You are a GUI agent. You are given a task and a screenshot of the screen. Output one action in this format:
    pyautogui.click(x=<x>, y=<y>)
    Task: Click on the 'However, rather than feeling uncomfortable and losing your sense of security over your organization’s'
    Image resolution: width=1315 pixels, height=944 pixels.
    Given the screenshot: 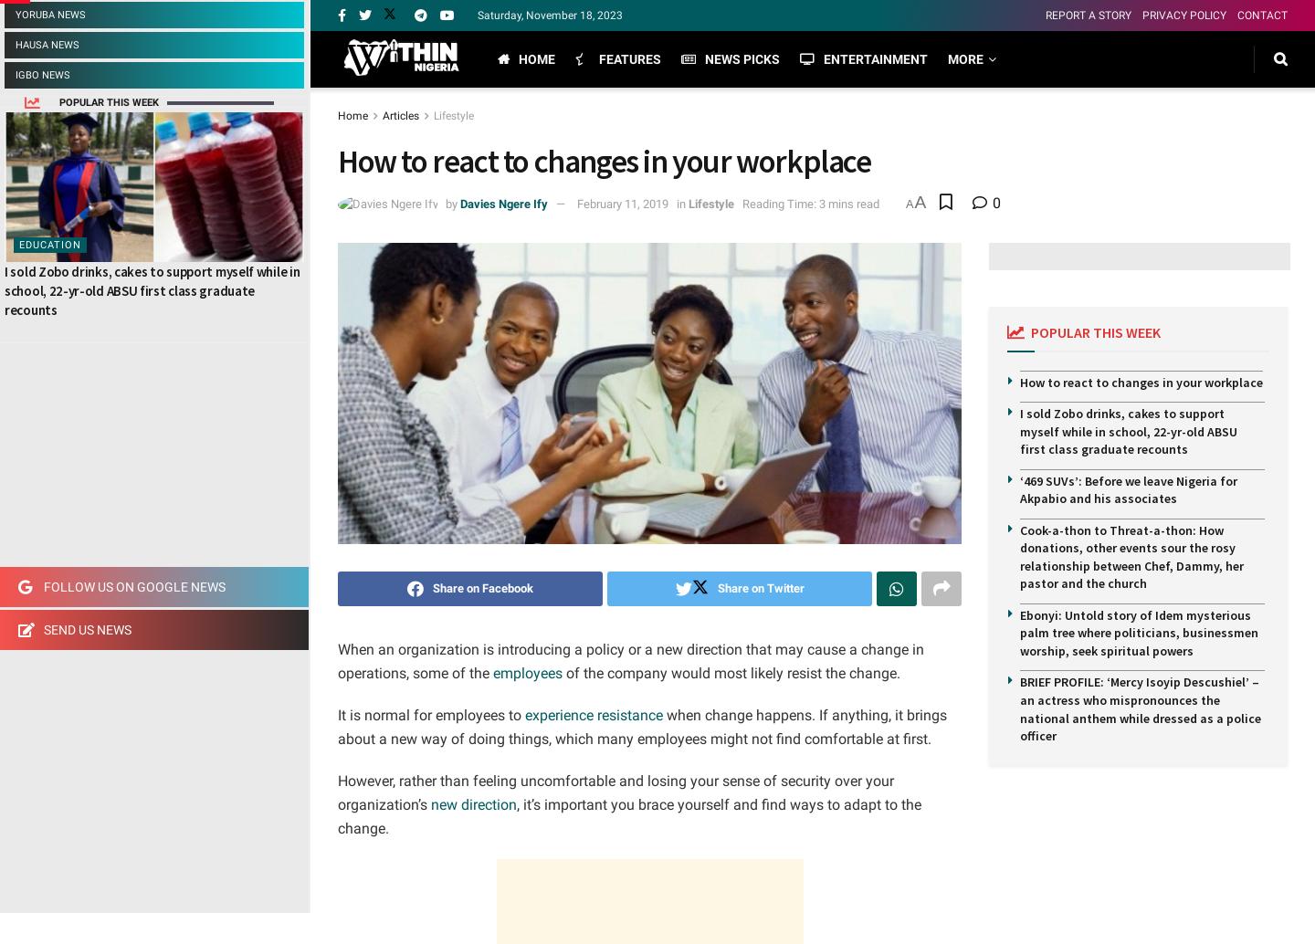 What is the action you would take?
    pyautogui.click(x=336, y=792)
    